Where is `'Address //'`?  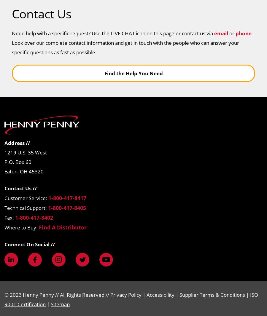 'Address //' is located at coordinates (4, 143).